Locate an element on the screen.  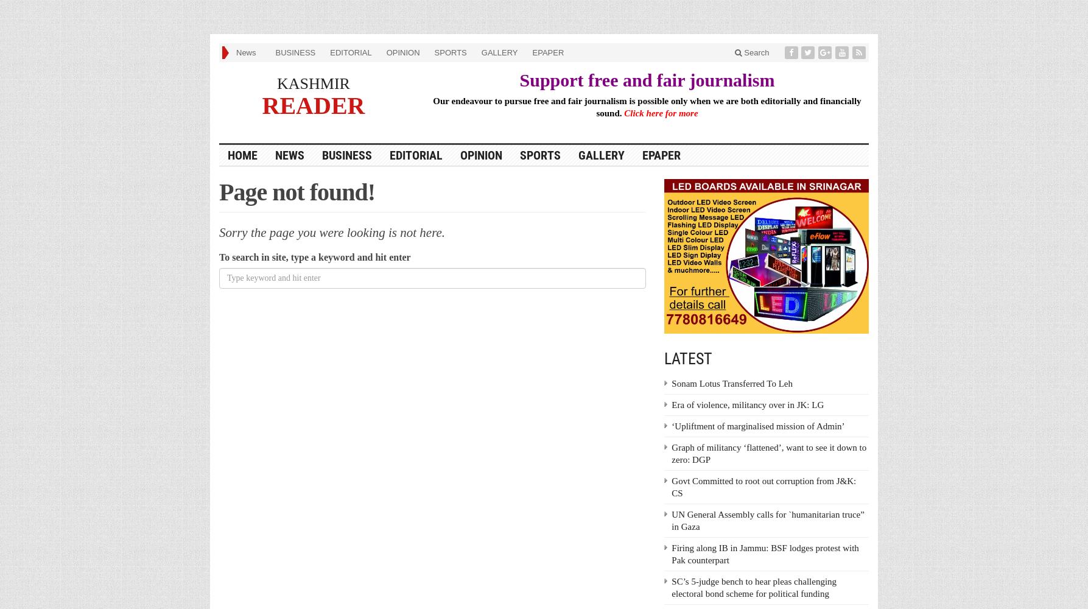
'GALLERY' is located at coordinates (499, 52).